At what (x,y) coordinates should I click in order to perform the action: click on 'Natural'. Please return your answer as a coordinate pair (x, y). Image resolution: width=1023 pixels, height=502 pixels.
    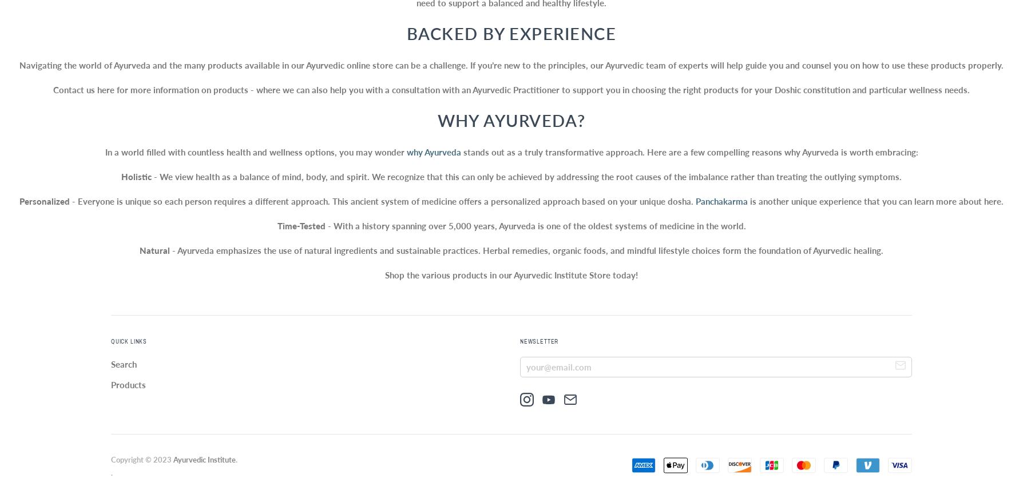
    Looking at the image, I should click on (154, 250).